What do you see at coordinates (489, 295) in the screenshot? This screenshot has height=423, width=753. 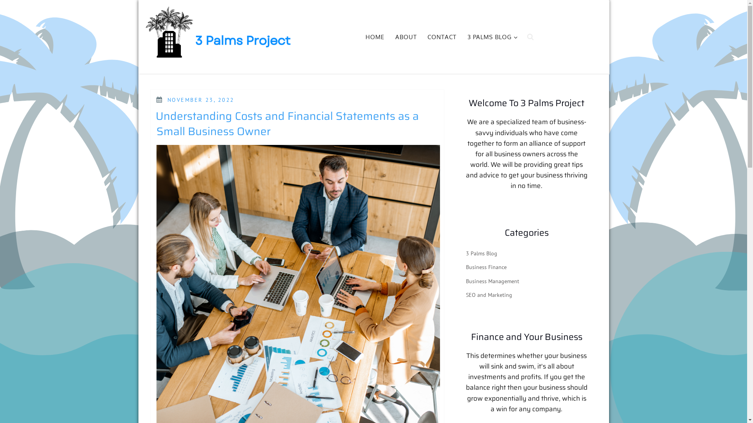 I see `'SEO and Marketing'` at bounding box center [489, 295].